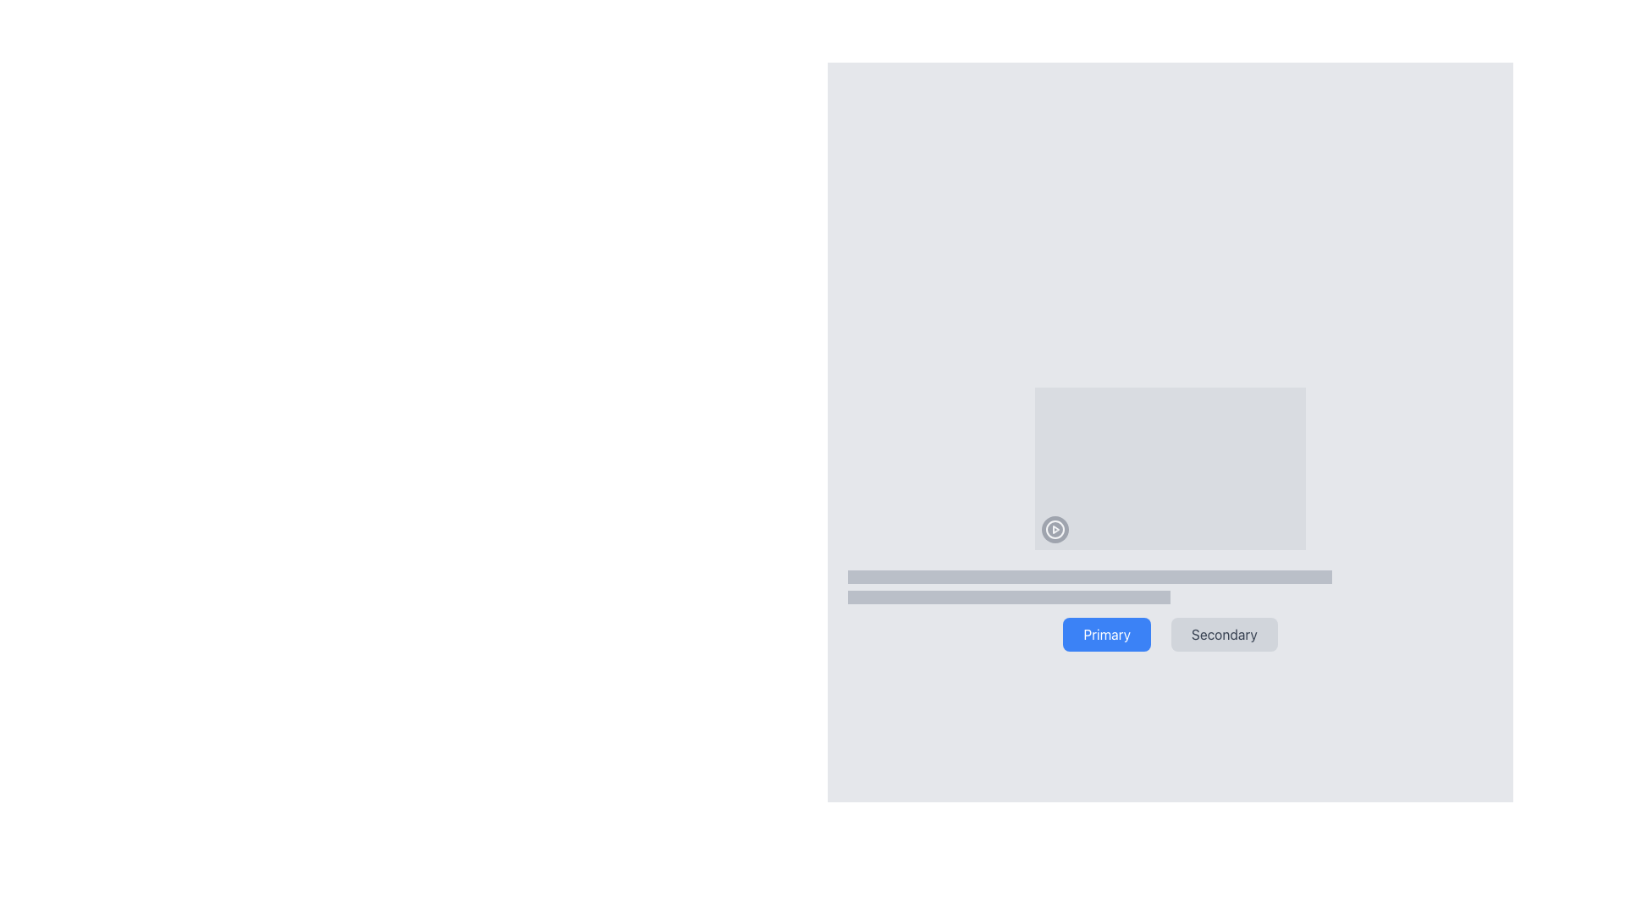  Describe the element at coordinates (1089, 576) in the screenshot. I see `the progress bar or placeholder bar located below the rectangular placeholder graphic and above the buttons labeled 'Primary' and 'Secondary'` at that location.